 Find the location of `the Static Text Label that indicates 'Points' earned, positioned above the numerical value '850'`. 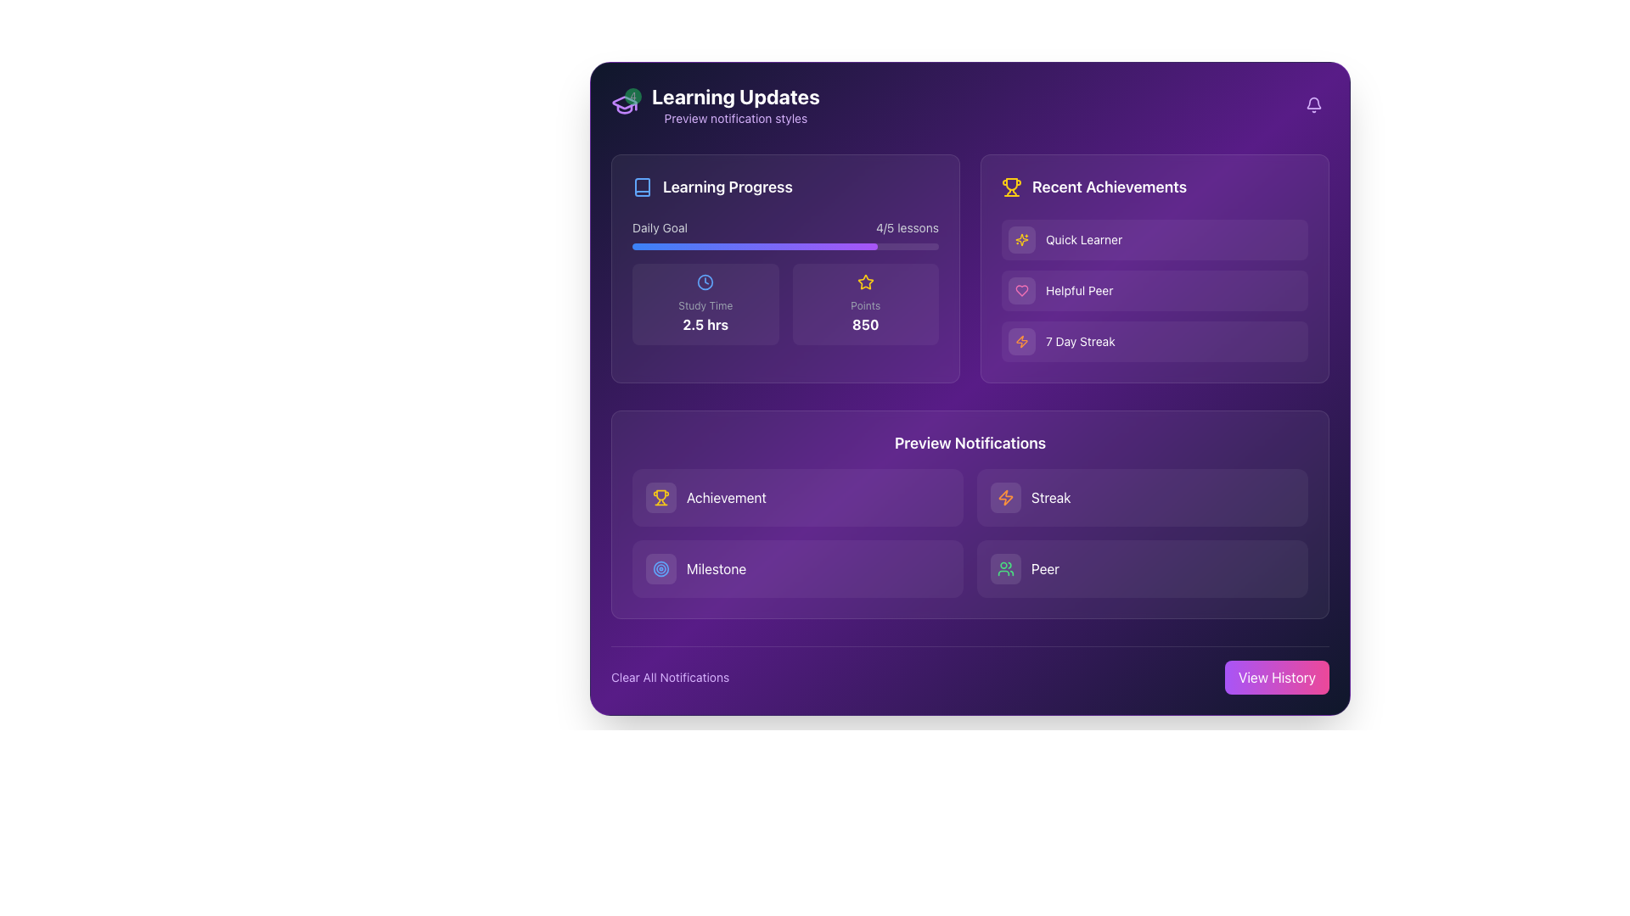

the Static Text Label that indicates 'Points' earned, positioned above the numerical value '850' is located at coordinates (865, 305).